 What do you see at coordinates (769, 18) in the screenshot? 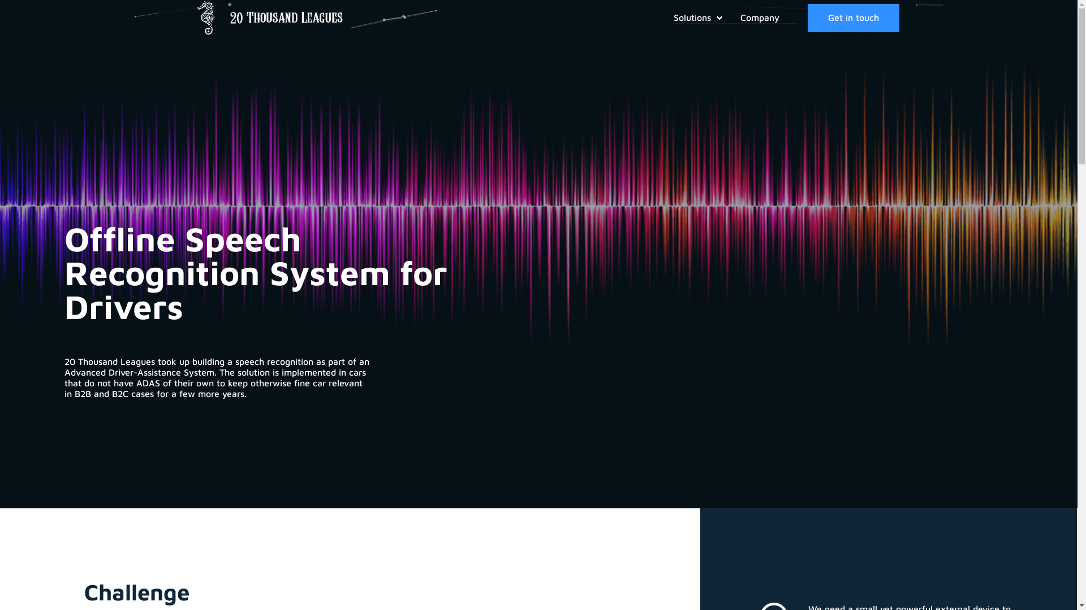
I see `'Company'` at bounding box center [769, 18].